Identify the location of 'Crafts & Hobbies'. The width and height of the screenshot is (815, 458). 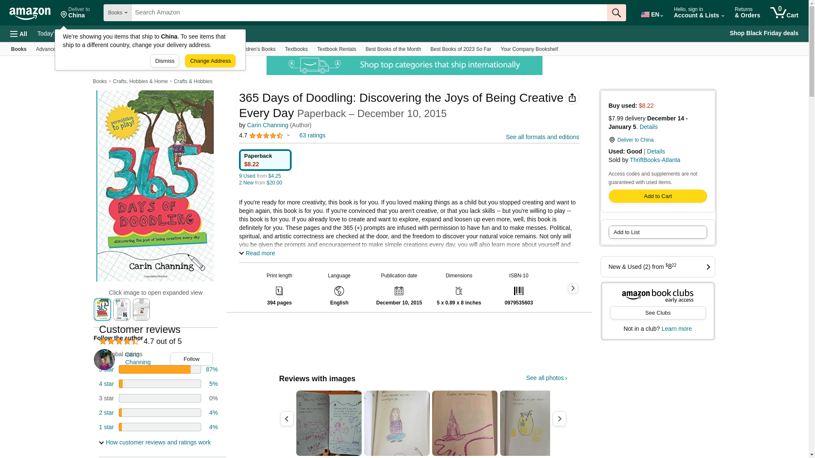
(193, 81).